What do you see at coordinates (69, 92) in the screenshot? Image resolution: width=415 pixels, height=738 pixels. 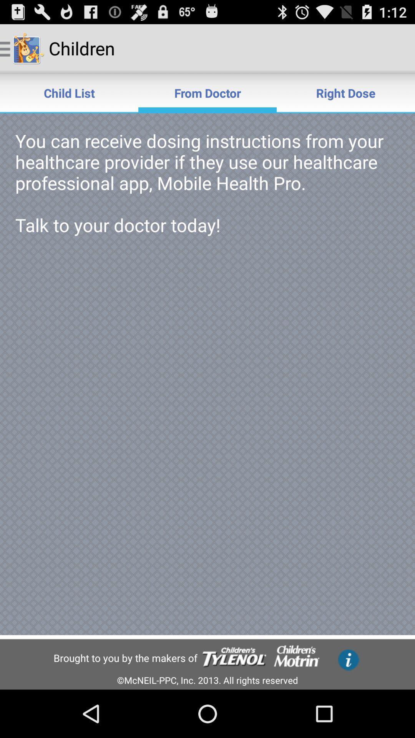 I see `icon next to from doctor` at bounding box center [69, 92].